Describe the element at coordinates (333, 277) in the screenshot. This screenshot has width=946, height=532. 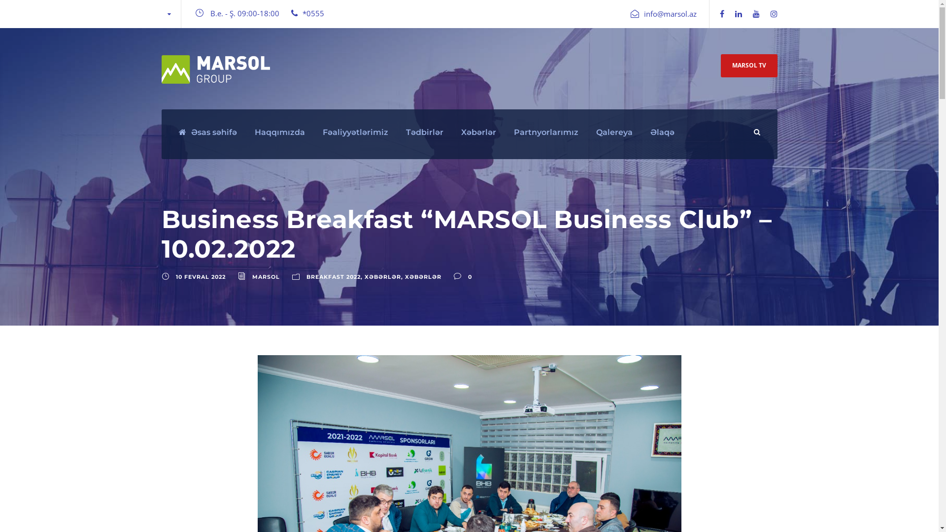
I see `'BREAKFAST 2022'` at that location.